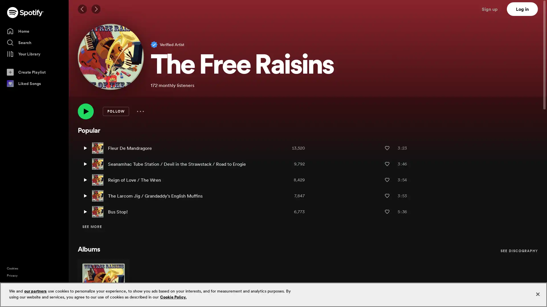  What do you see at coordinates (115, 298) in the screenshot?
I see `Play Out of the Box` at bounding box center [115, 298].